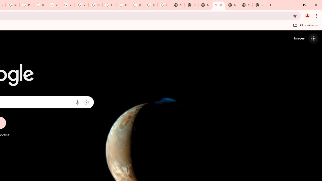 This screenshot has width=322, height=181. Describe the element at coordinates (164, 5) in the screenshot. I see `'Google Images'` at that location.